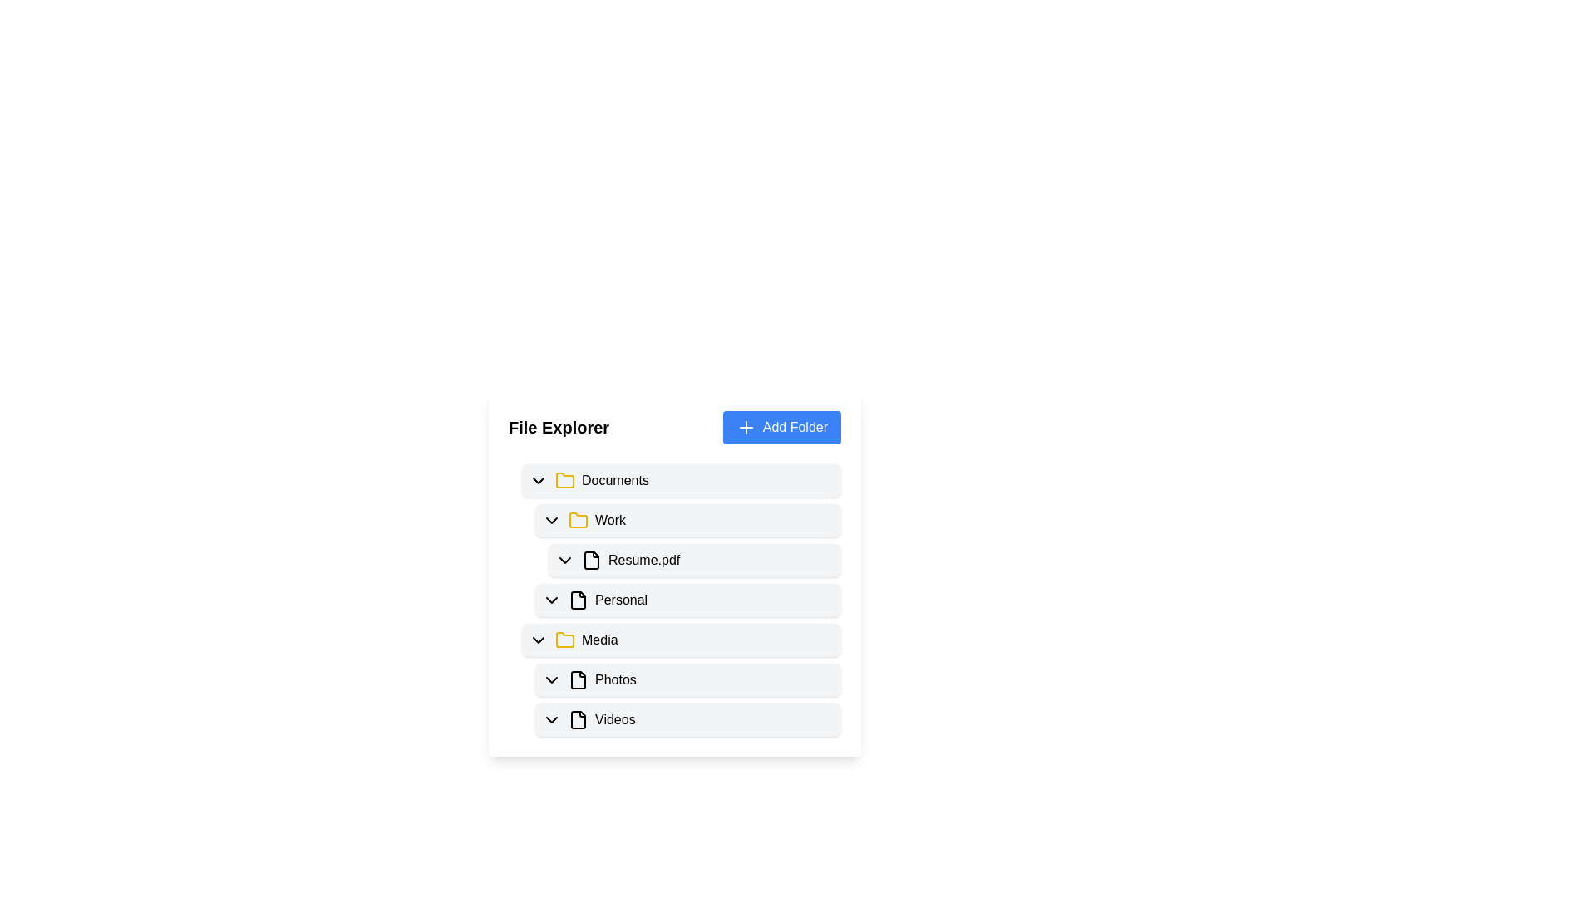  What do you see at coordinates (682, 537) in the screenshot?
I see `the 'Work' folder in the file explorer` at bounding box center [682, 537].